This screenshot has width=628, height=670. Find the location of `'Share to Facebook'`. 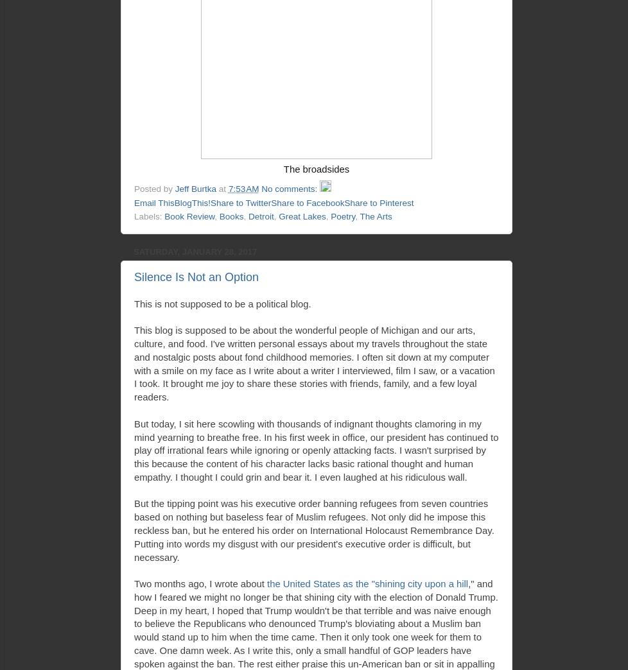

'Share to Facebook' is located at coordinates (307, 202).